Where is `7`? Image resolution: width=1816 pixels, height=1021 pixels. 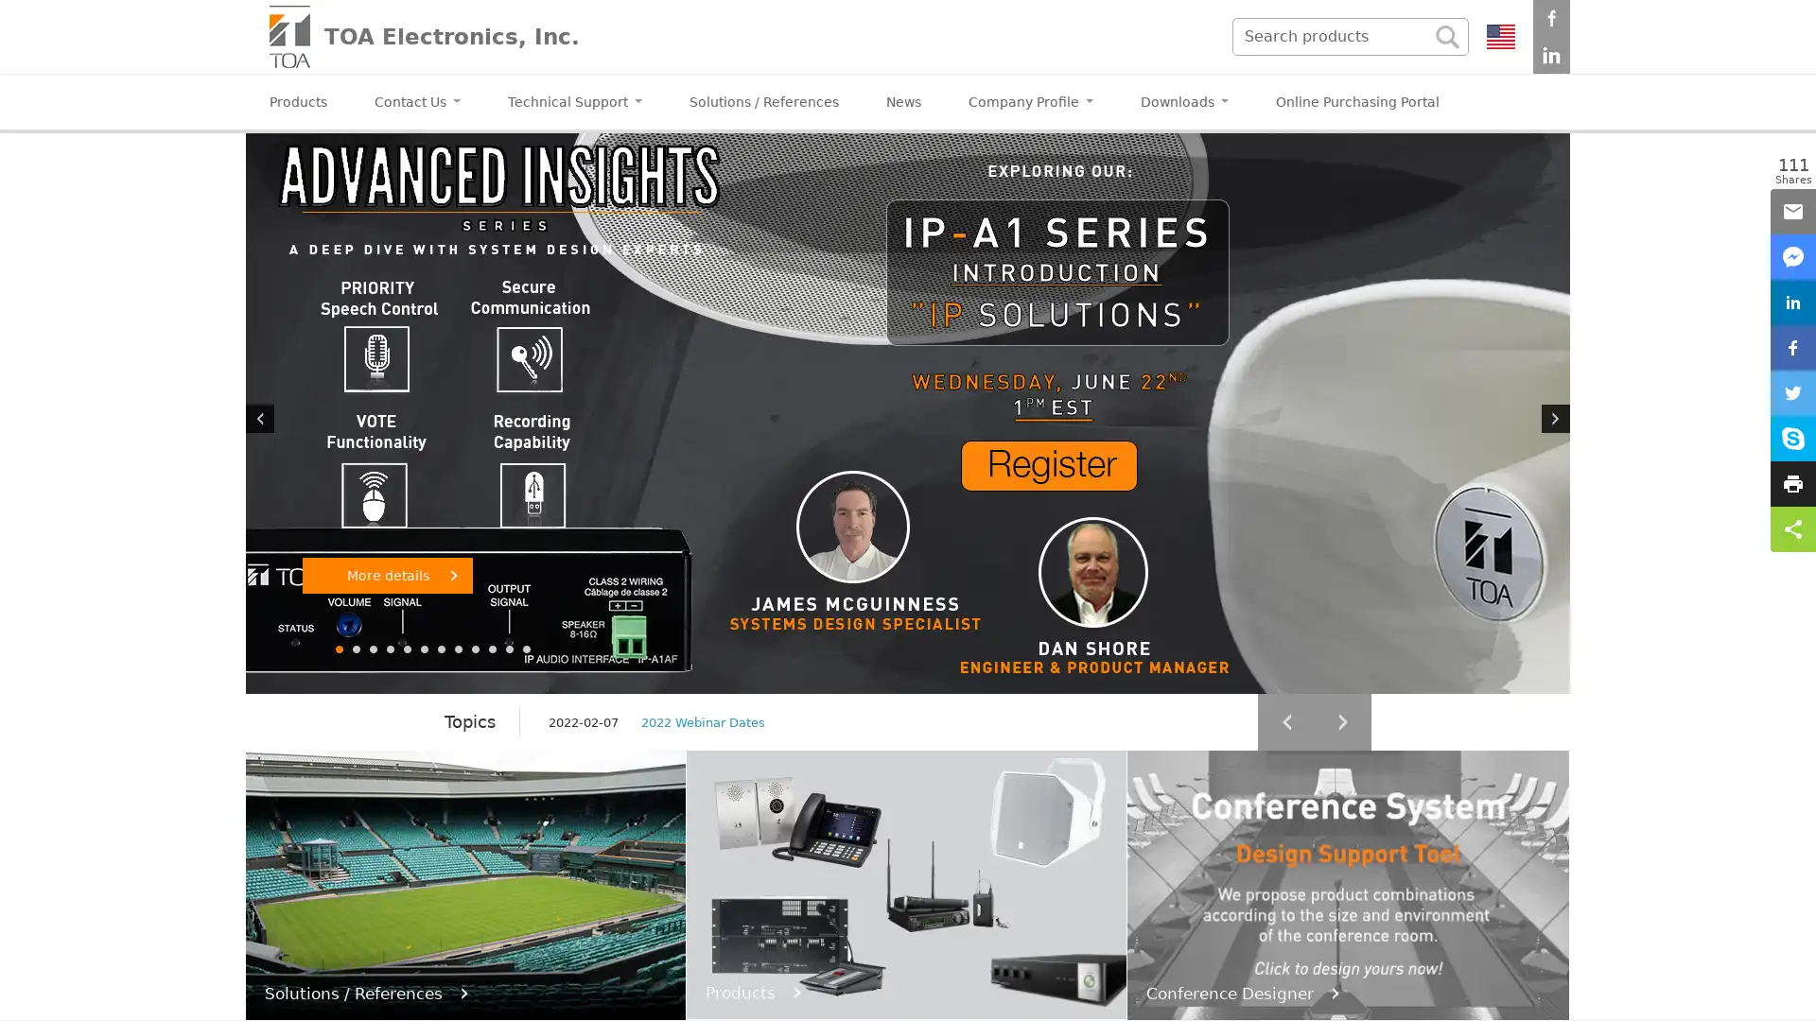 7 is located at coordinates (442, 648).